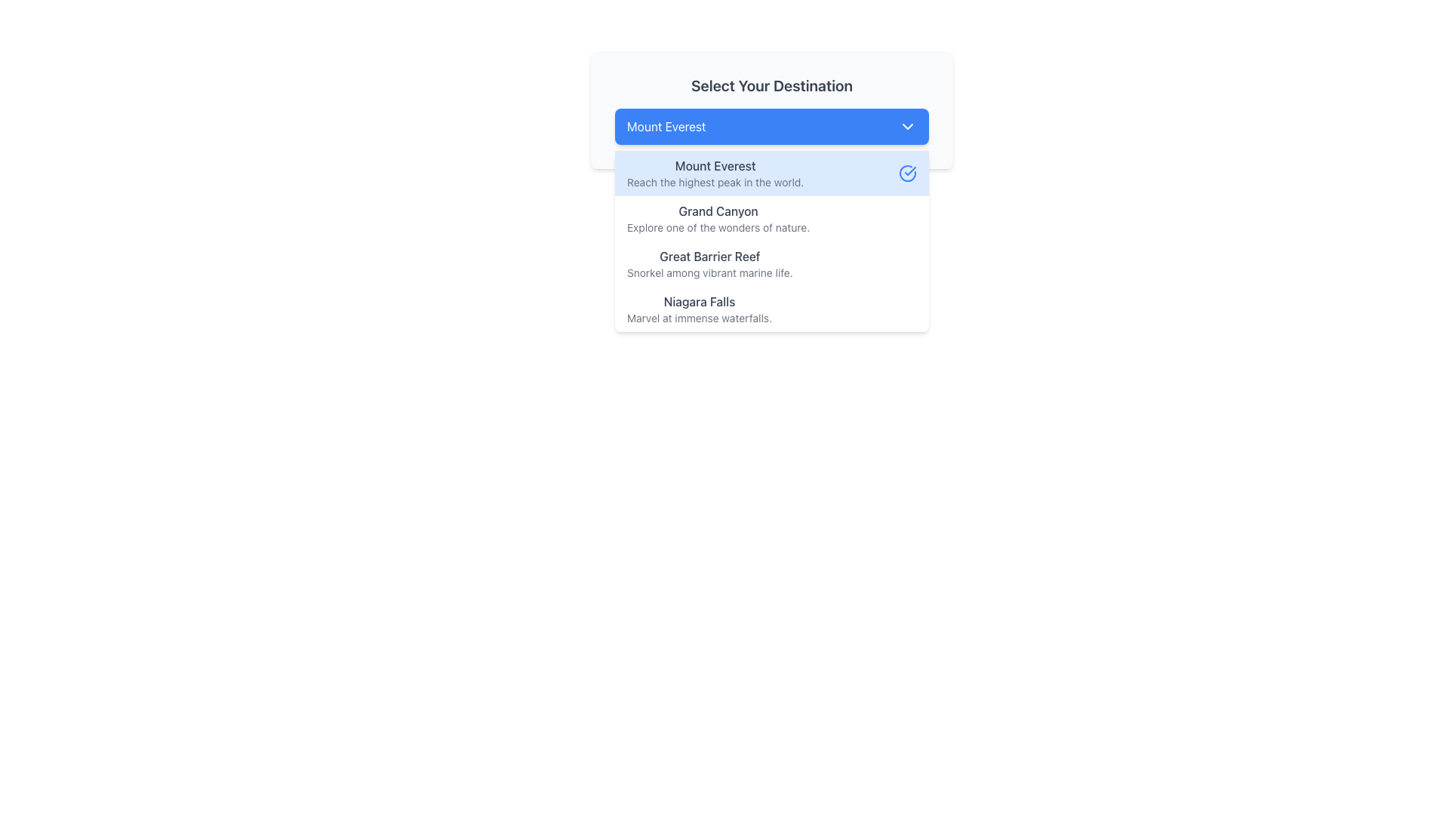  I want to click on text label 'Grand Canyon' located in the dropdown list interface beneath 'Mount Everest', so click(718, 211).